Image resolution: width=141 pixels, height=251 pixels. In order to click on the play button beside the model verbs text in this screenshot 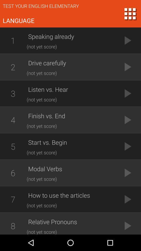, I will do `click(127, 172)`.